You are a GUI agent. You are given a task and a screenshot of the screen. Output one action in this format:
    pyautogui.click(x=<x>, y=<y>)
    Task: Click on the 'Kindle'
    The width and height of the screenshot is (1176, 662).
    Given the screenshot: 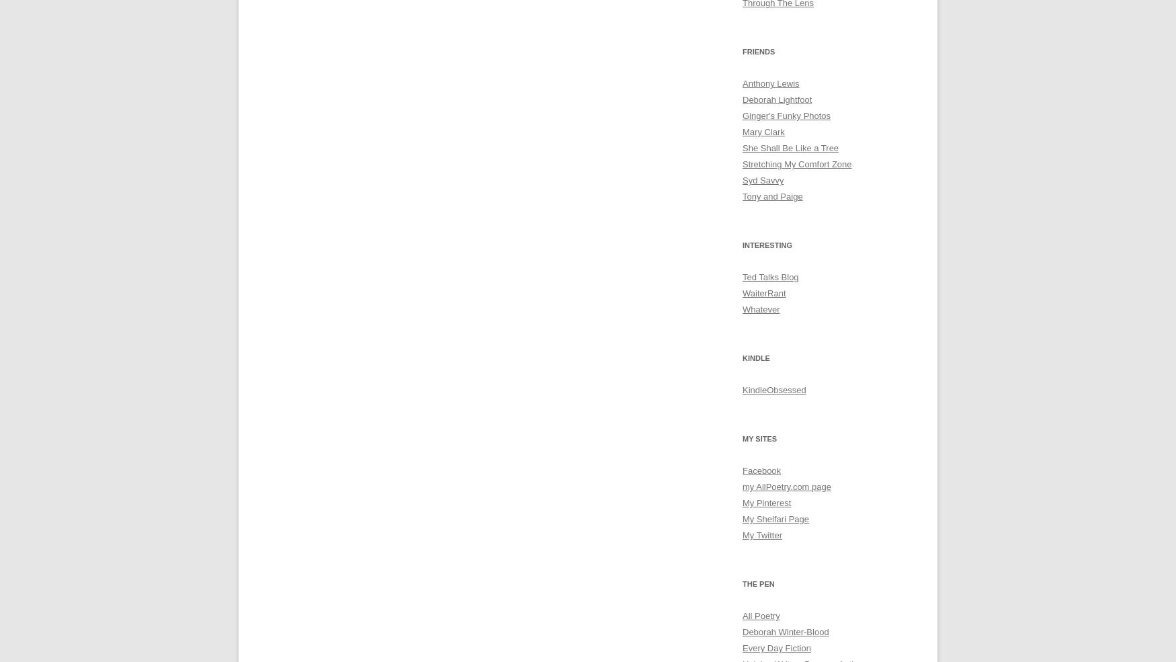 What is the action you would take?
    pyautogui.click(x=756, y=358)
    